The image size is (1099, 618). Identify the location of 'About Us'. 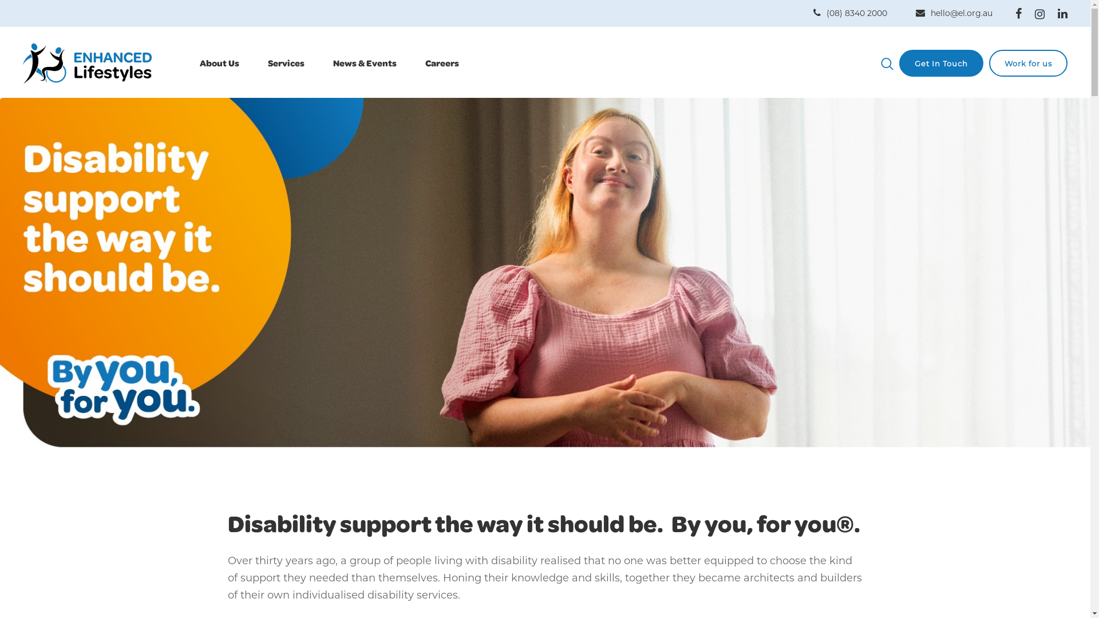
(219, 63).